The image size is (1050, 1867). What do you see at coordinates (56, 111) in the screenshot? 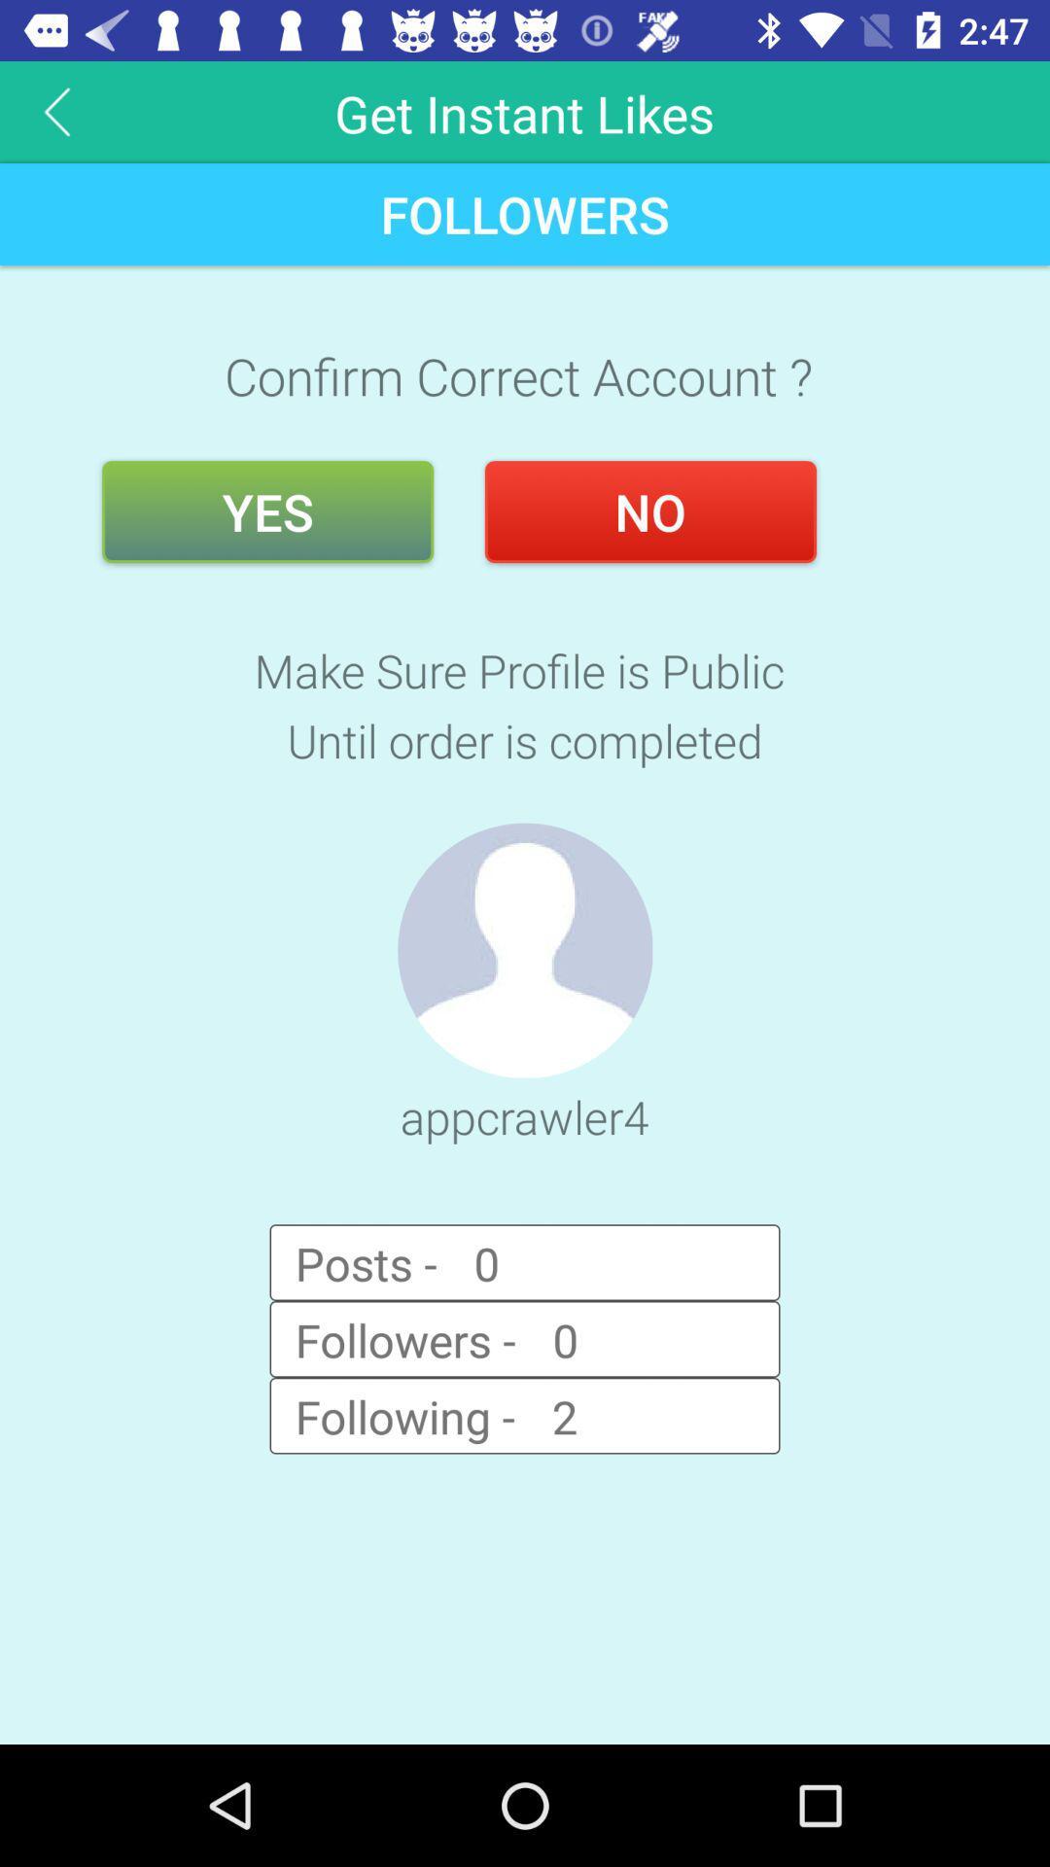
I see `the arrow_backward icon` at bounding box center [56, 111].